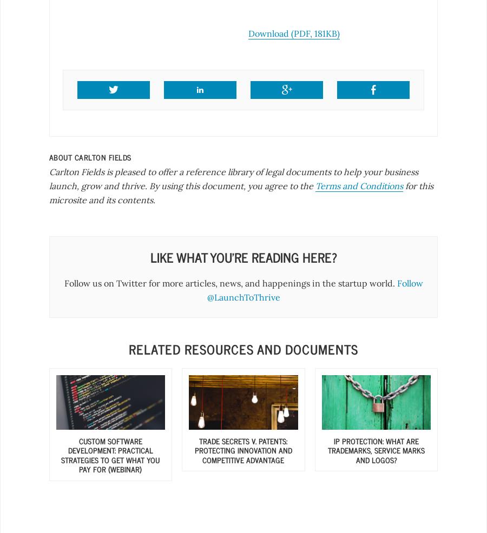  I want to click on 'About', so click(48, 156).